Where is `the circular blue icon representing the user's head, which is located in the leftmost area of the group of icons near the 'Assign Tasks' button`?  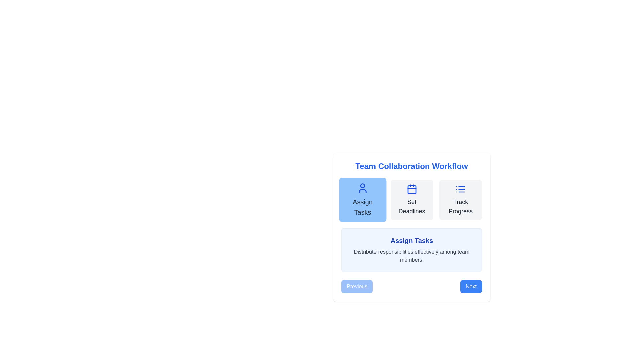
the circular blue icon representing the user's head, which is located in the leftmost area of the group of icons near the 'Assign Tasks' button is located at coordinates (362, 186).